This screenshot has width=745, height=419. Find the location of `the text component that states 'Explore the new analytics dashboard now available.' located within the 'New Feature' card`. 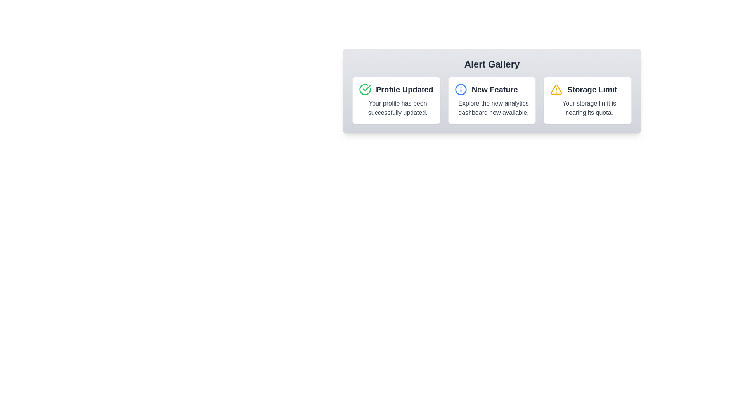

the text component that states 'Explore the new analytics dashboard now available.' located within the 'New Feature' card is located at coordinates (493, 108).